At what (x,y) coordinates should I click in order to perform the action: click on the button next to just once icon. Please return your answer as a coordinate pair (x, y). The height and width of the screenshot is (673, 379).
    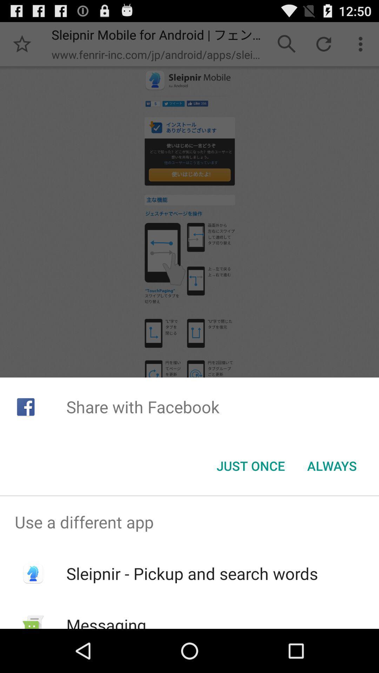
    Looking at the image, I should click on (332, 466).